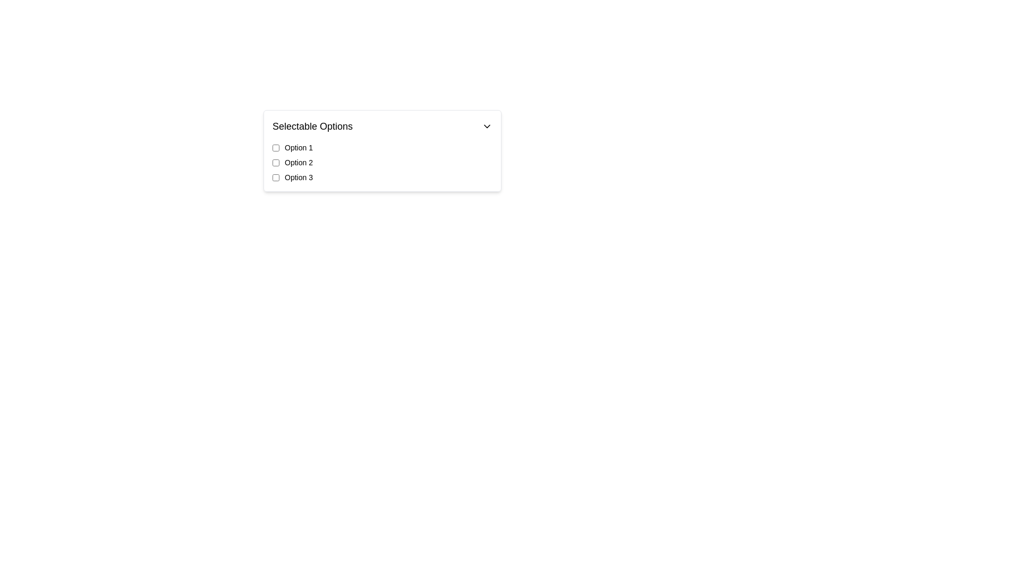 This screenshot has height=574, width=1020. Describe the element at coordinates (298, 177) in the screenshot. I see `the third text label in the 'Selectable Options' section, which describes the checkbox next to it` at that location.